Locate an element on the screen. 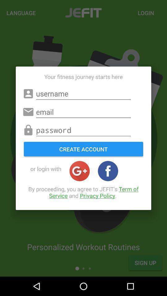  the password here is located at coordinates (83, 130).